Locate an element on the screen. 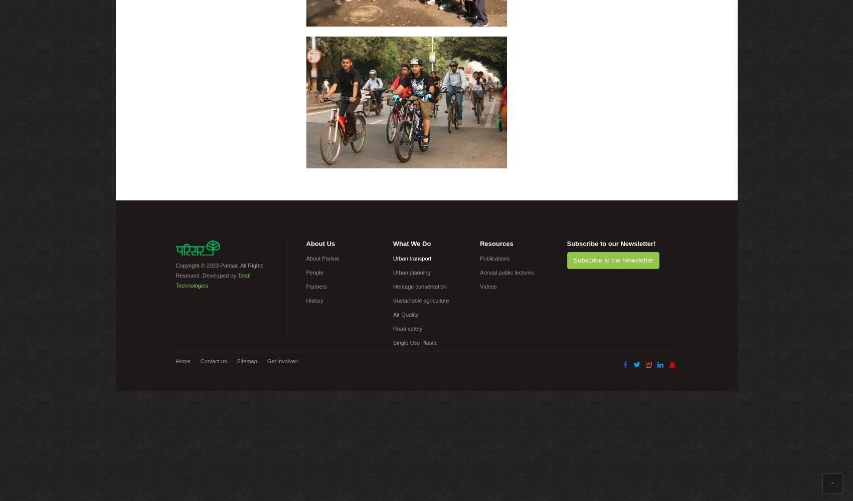 Image resolution: width=853 pixels, height=501 pixels. 'Copyright © 2023 Parisar. All Rights Reserved. Developed by' is located at coordinates (219, 271).